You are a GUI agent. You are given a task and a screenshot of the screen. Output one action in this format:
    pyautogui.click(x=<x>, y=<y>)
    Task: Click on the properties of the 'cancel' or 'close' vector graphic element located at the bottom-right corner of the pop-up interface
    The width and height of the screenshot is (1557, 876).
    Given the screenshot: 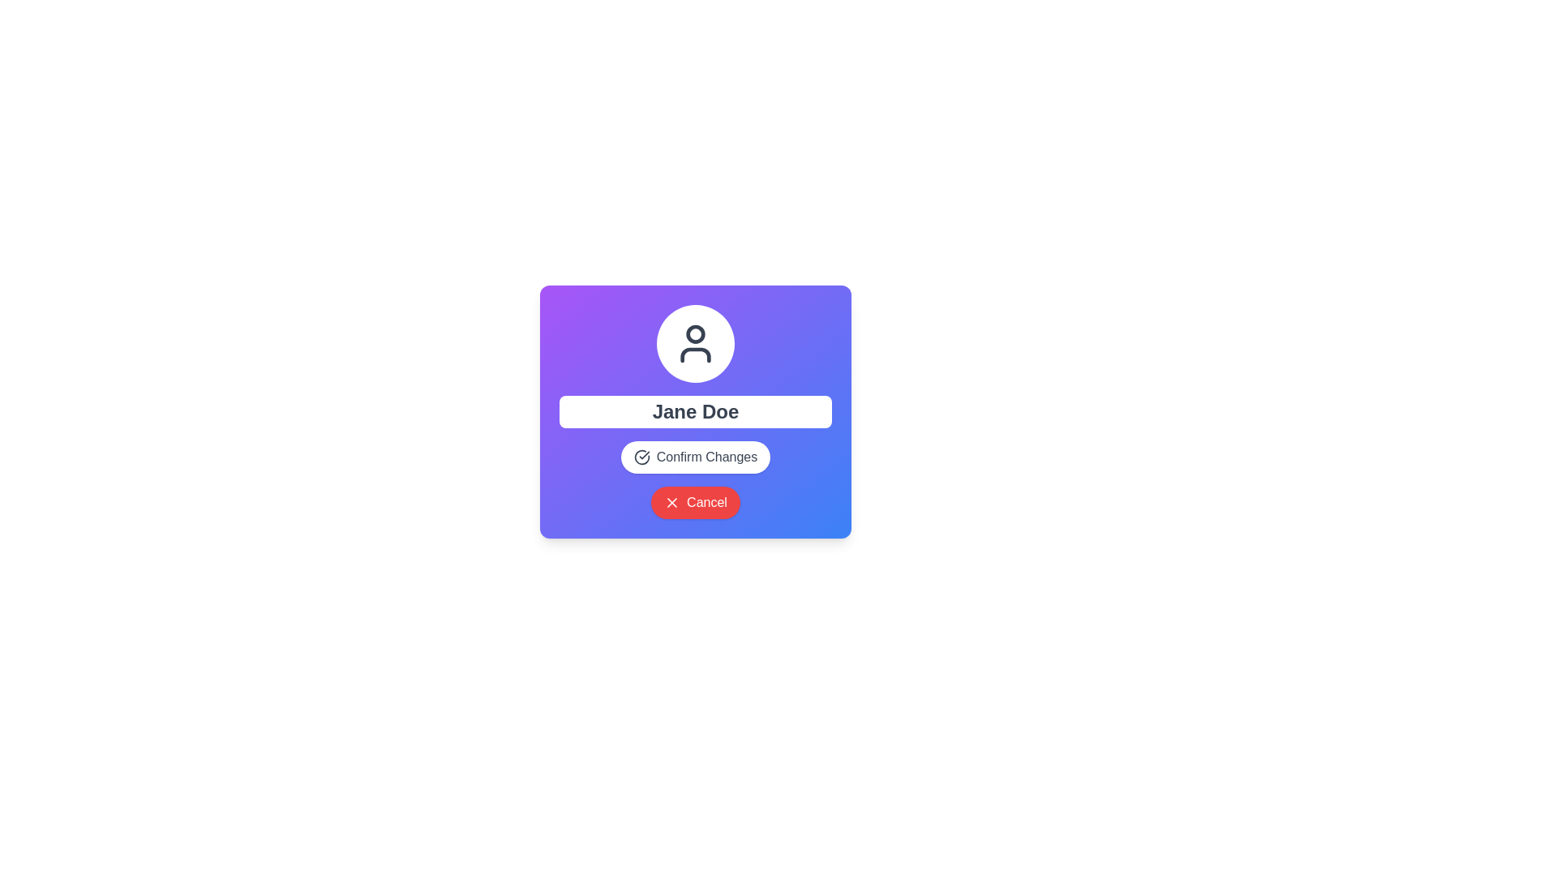 What is the action you would take?
    pyautogui.click(x=672, y=502)
    